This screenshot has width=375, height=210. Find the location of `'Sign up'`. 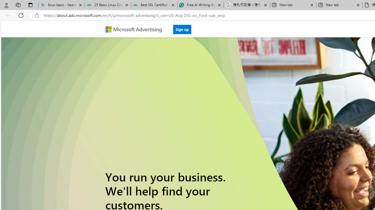

'Sign up' is located at coordinates (182, 29).